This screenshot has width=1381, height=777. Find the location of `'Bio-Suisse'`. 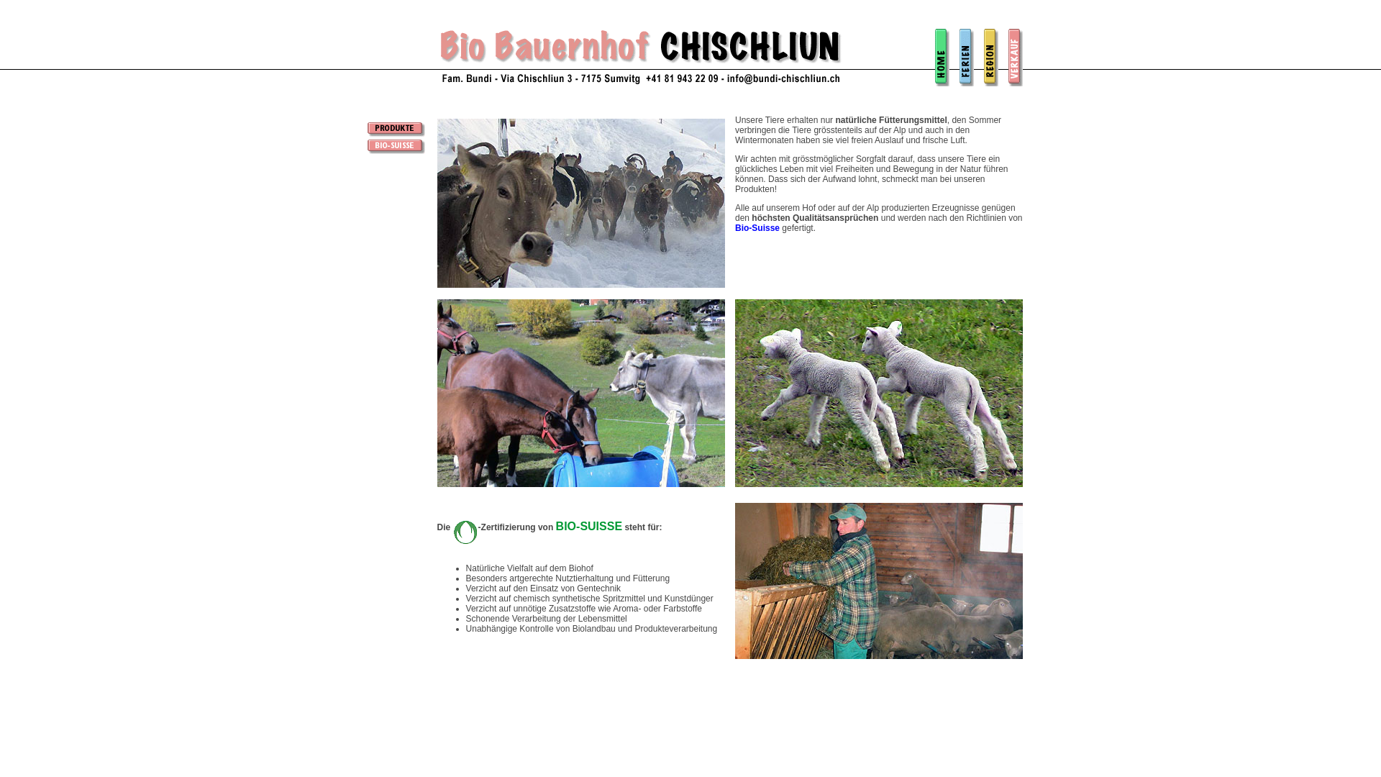

'Bio-Suisse' is located at coordinates (756, 227).